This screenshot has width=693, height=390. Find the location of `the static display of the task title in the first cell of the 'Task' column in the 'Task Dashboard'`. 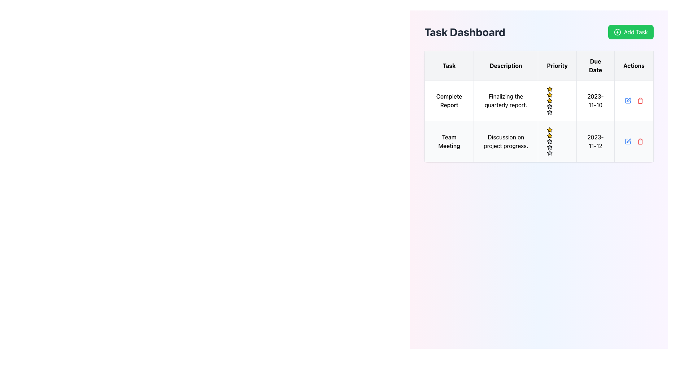

the static display of the task title in the first cell of the 'Task' column in the 'Task Dashboard' is located at coordinates (449, 100).